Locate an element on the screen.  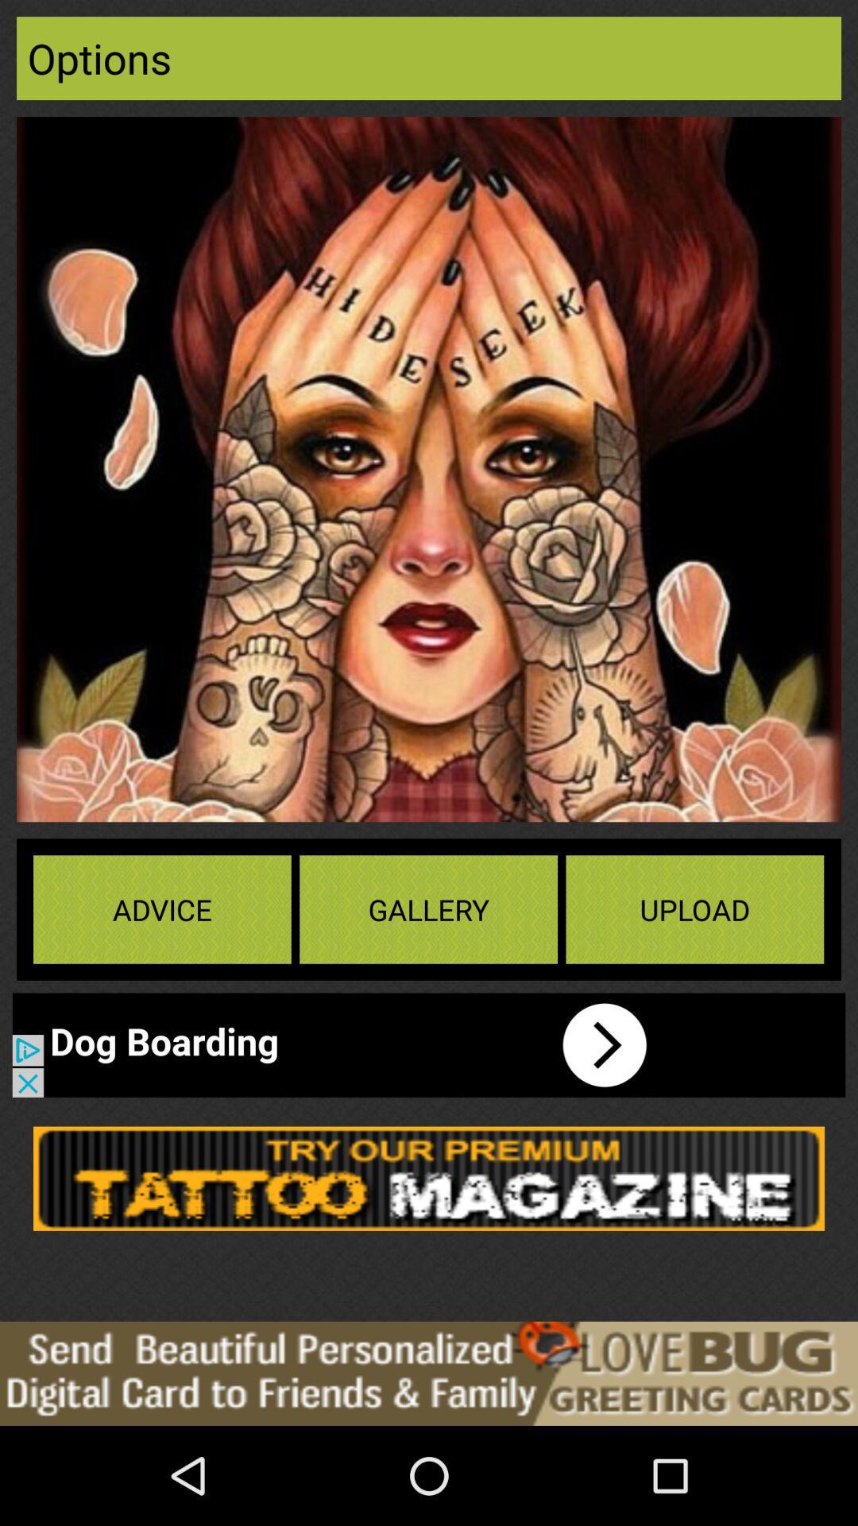
open advertisement is located at coordinates (345, 1045).